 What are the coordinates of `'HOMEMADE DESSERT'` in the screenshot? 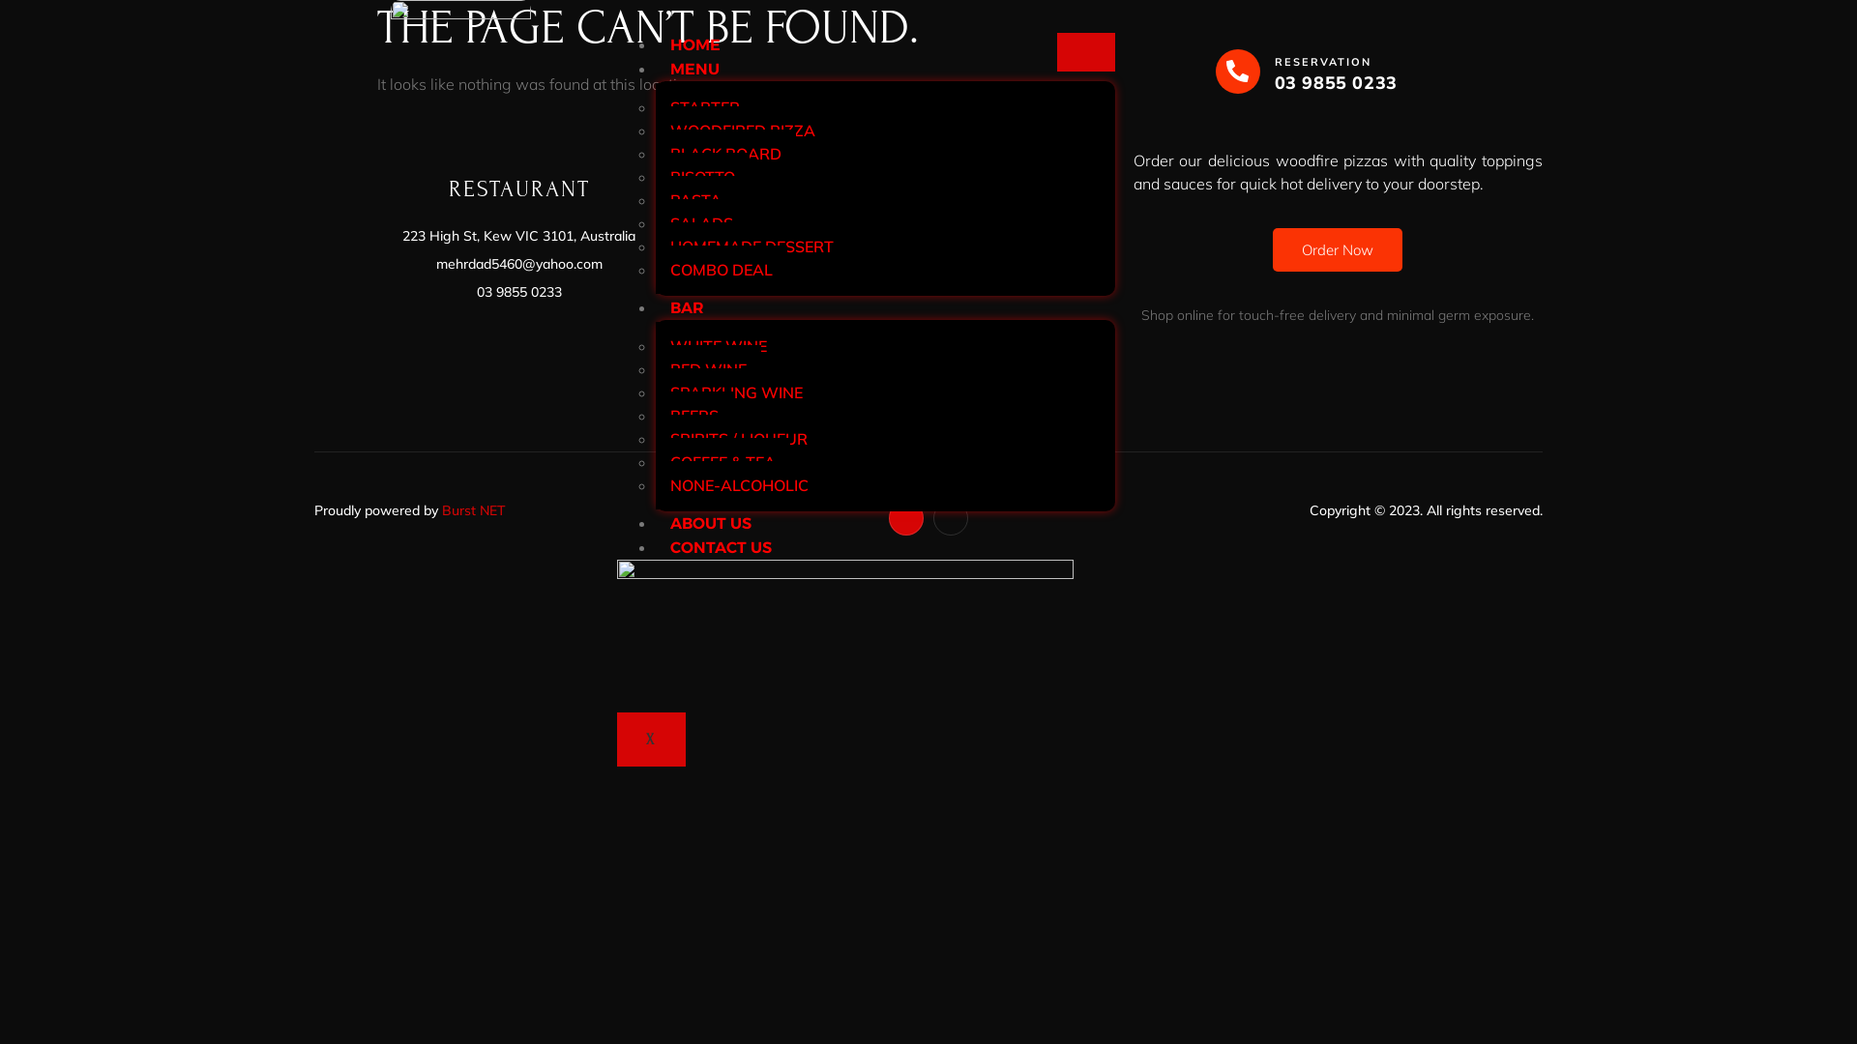 It's located at (751, 245).